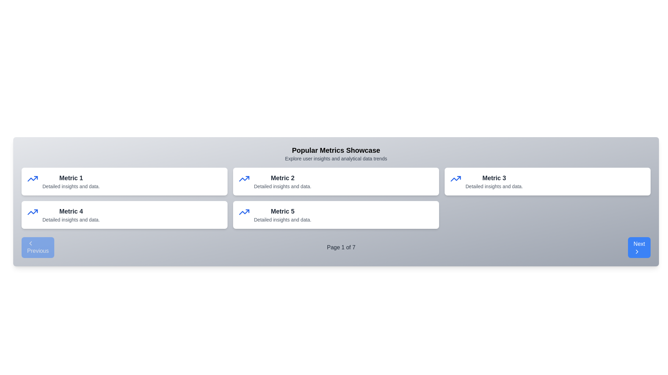 This screenshot has height=375, width=668. What do you see at coordinates (283, 219) in the screenshot?
I see `the static text displaying 'Detailed insights and data.' located below 'Metric 5' in the bottom-left quadrant of the grid layout` at bounding box center [283, 219].